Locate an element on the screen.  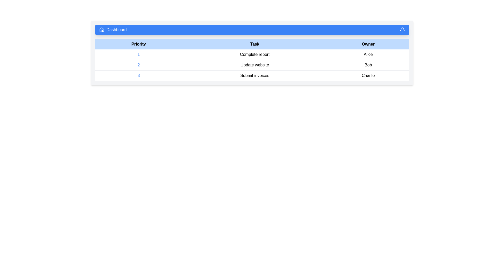
the informational text label indicating the owner associated with the 'Update website' task located in the third column of the second row is located at coordinates (368, 65).